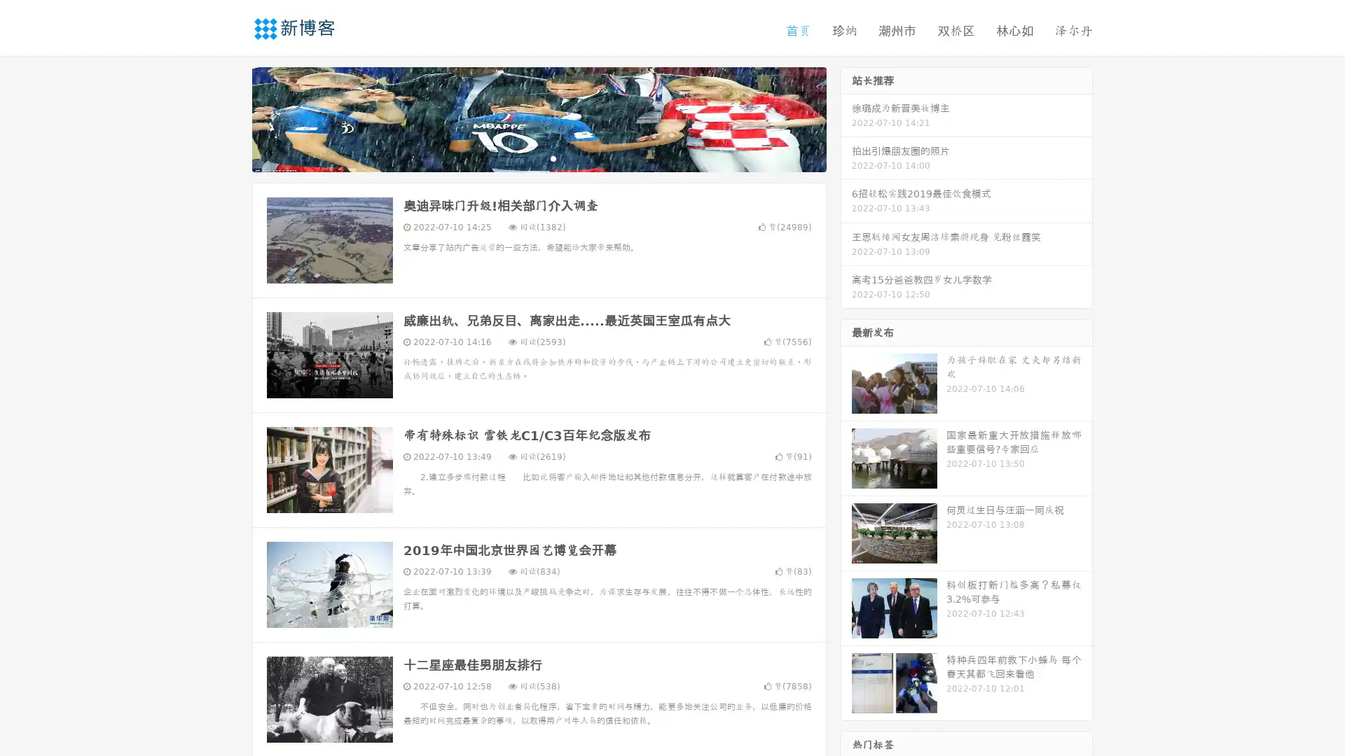  What do you see at coordinates (538, 157) in the screenshot?
I see `Go to slide 2` at bounding box center [538, 157].